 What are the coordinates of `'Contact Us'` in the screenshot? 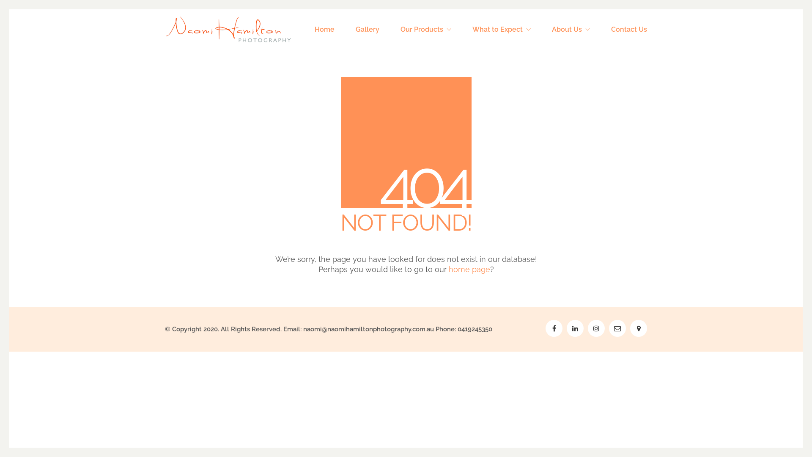 It's located at (629, 29).